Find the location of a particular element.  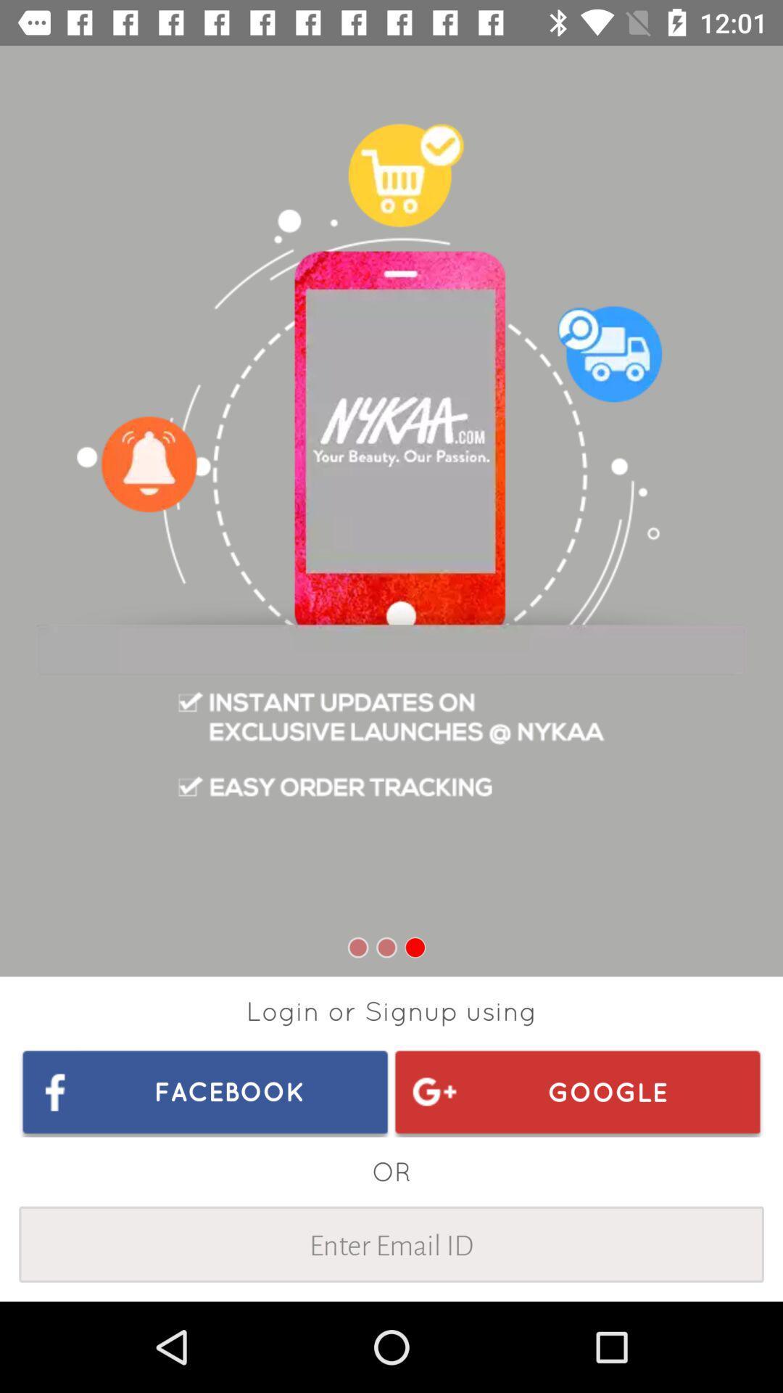

the item above the or is located at coordinates (576, 1091).